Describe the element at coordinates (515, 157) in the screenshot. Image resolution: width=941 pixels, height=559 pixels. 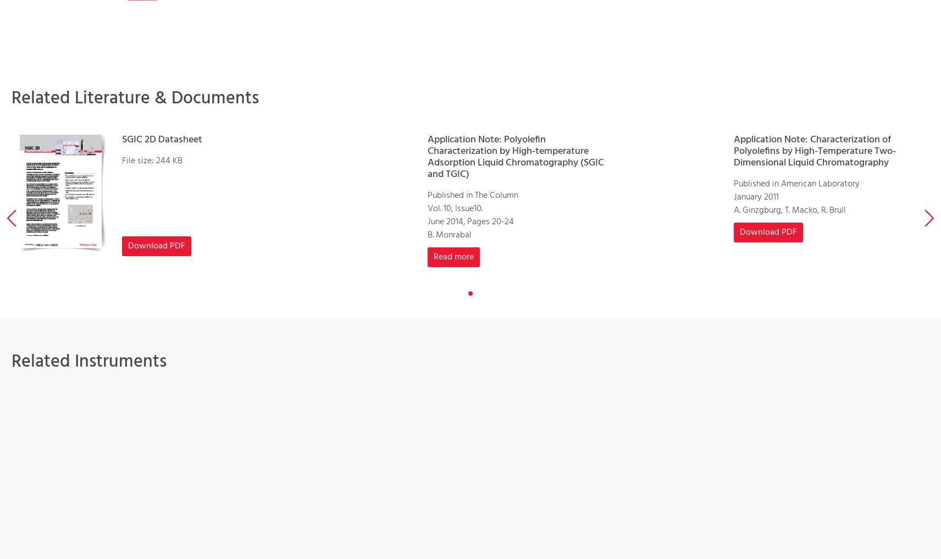
I see `'Application Note: Polyolefin Characterization by High-temperature Adsorption Liquid Chromatography (SGIC and TGIC)'` at that location.